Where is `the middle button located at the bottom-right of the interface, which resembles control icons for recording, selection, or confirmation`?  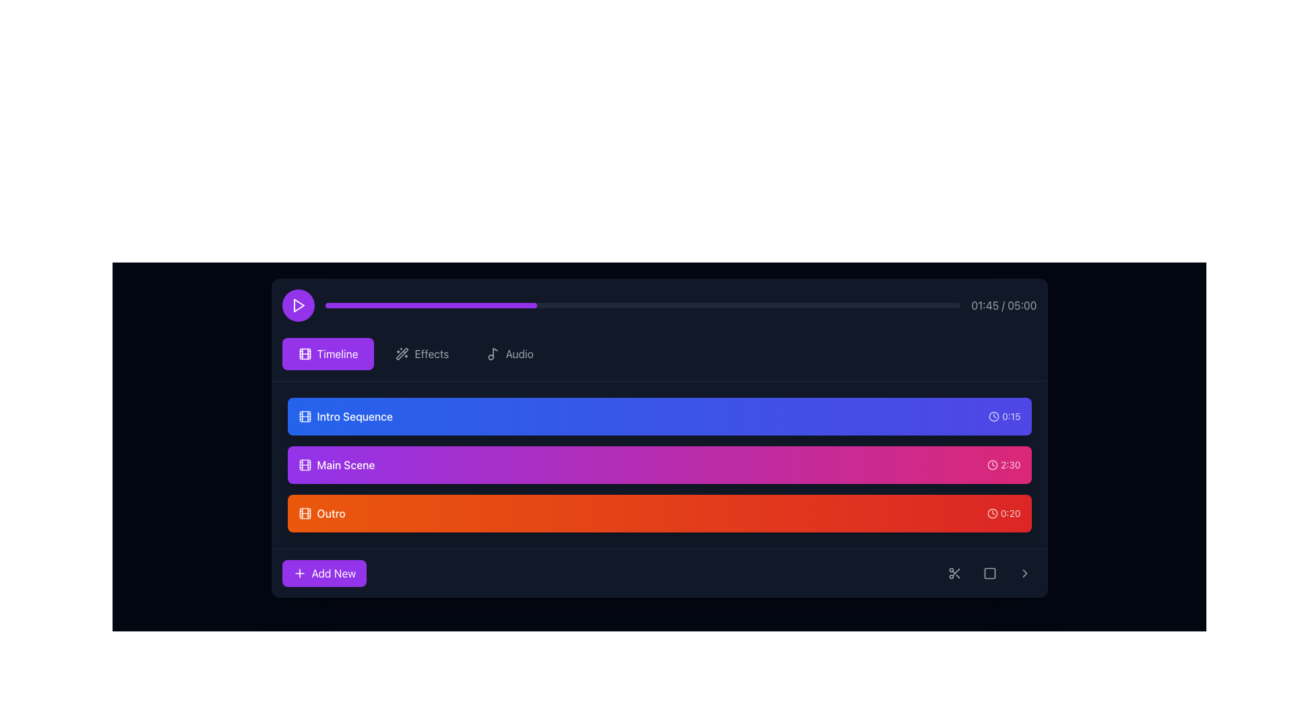 the middle button located at the bottom-right of the interface, which resembles control icons for recording, selection, or confirmation is located at coordinates (989, 574).